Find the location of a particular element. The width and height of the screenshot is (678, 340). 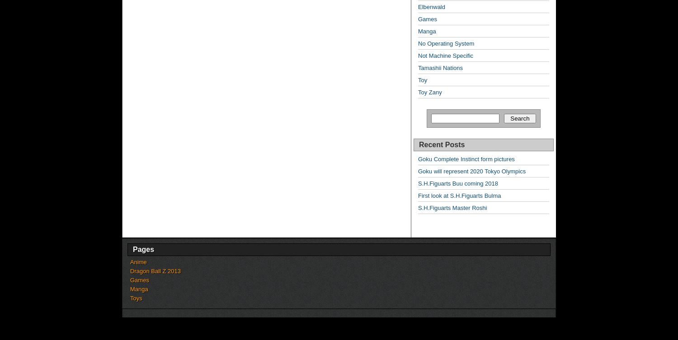

'No Operating System' is located at coordinates (446, 43).